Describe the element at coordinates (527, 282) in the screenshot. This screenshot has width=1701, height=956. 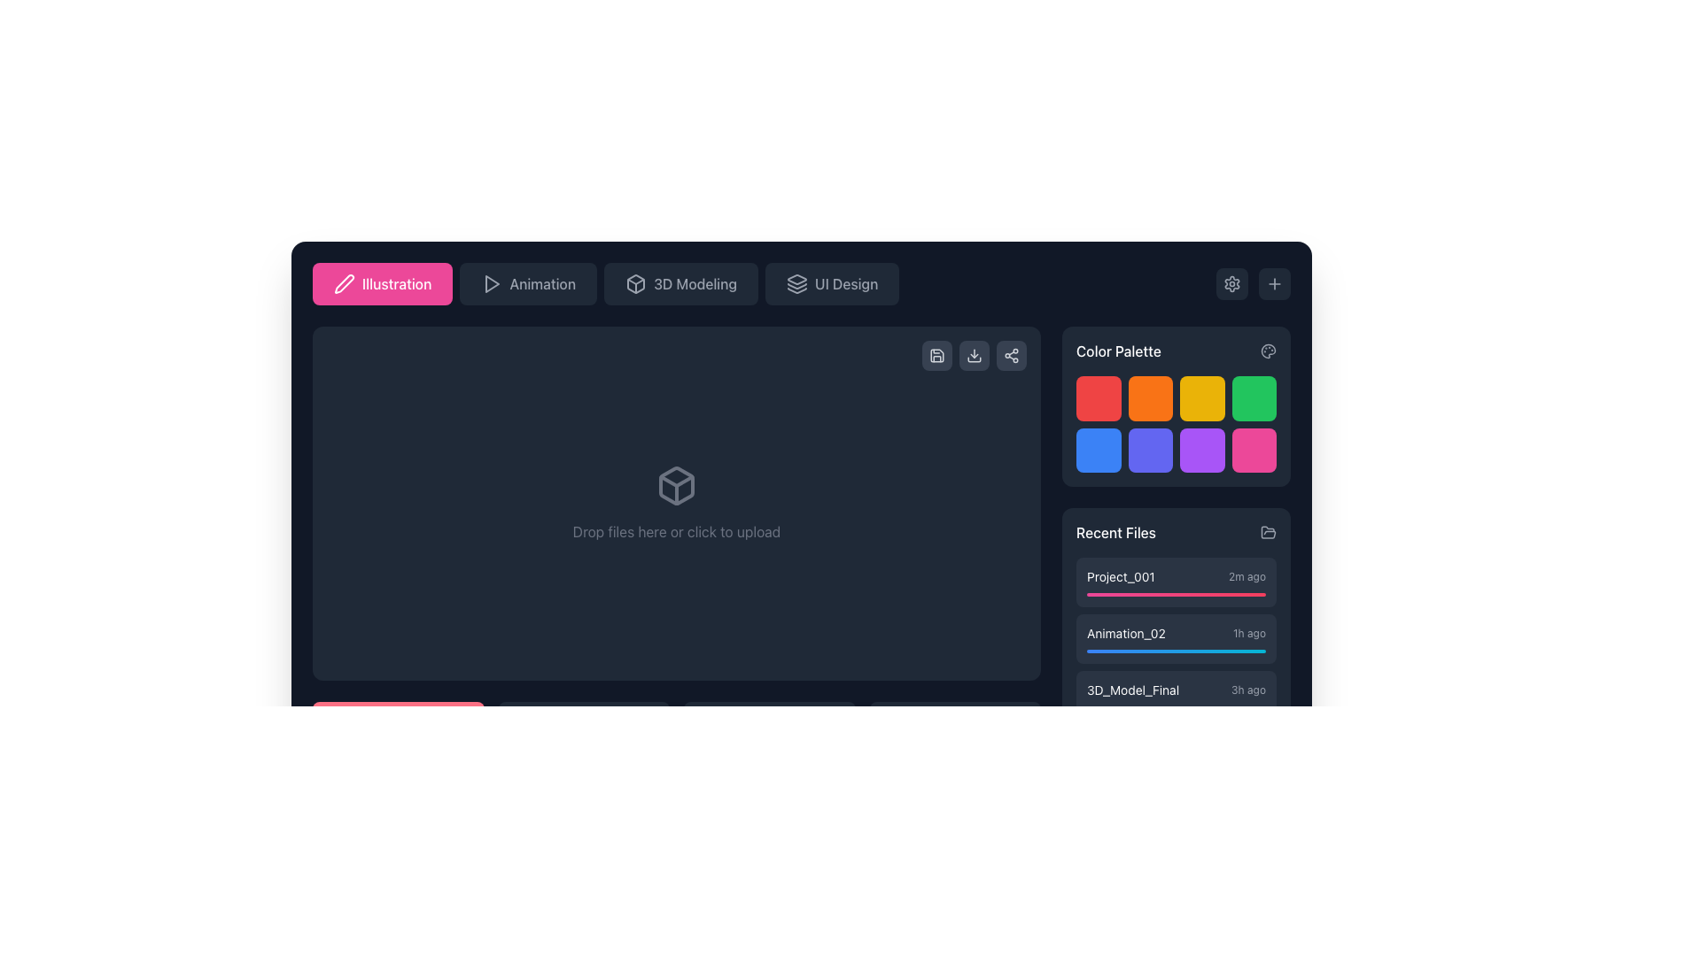
I see `the button for accessing or filtering content related to animations` at that location.